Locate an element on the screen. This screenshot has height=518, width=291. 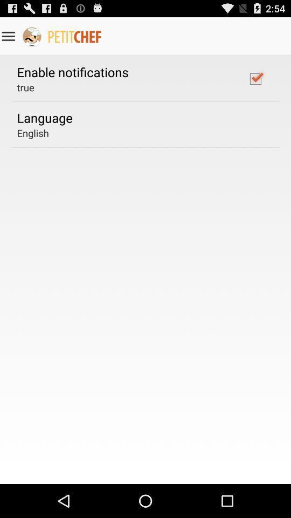
icon at the top right corner is located at coordinates (255, 78).